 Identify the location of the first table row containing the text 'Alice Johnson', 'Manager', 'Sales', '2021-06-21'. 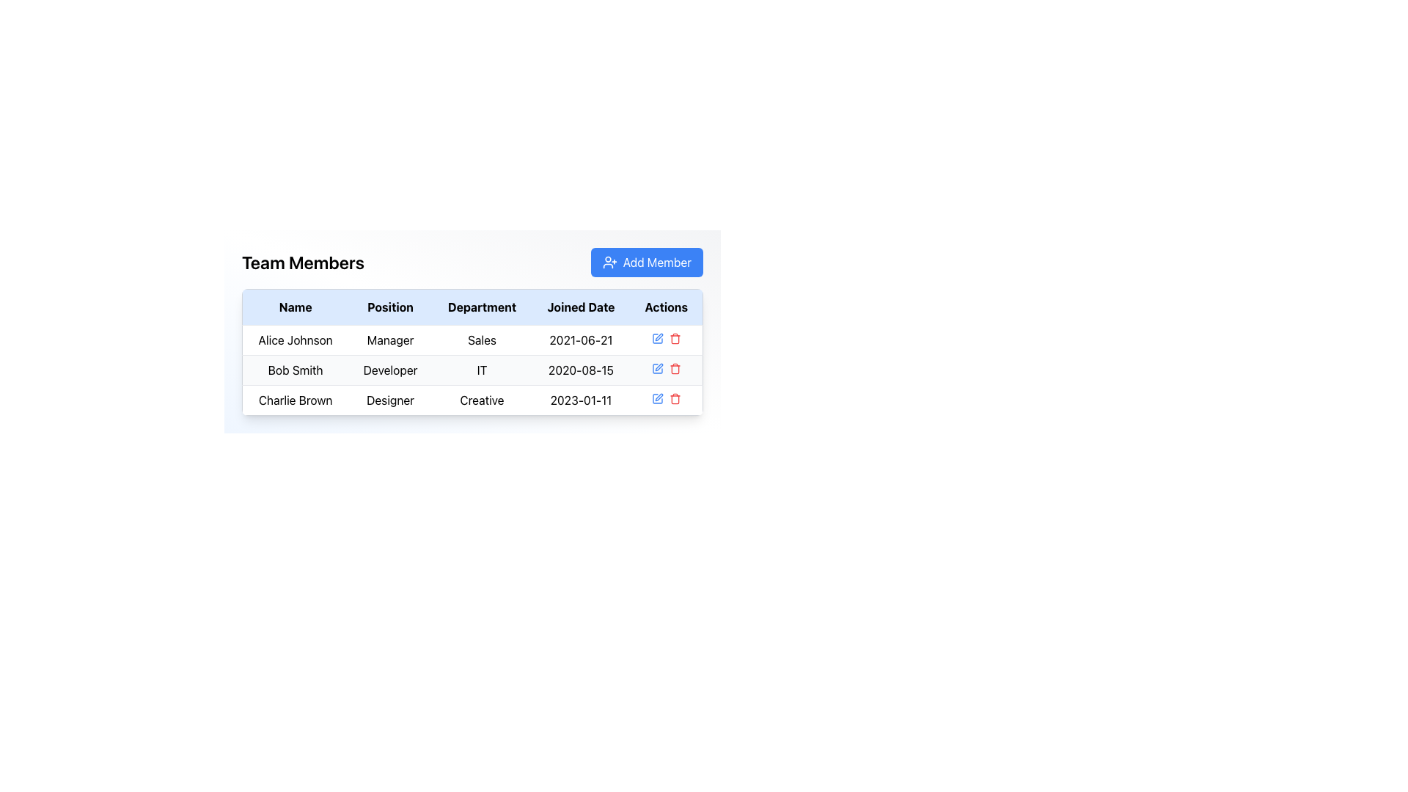
(472, 340).